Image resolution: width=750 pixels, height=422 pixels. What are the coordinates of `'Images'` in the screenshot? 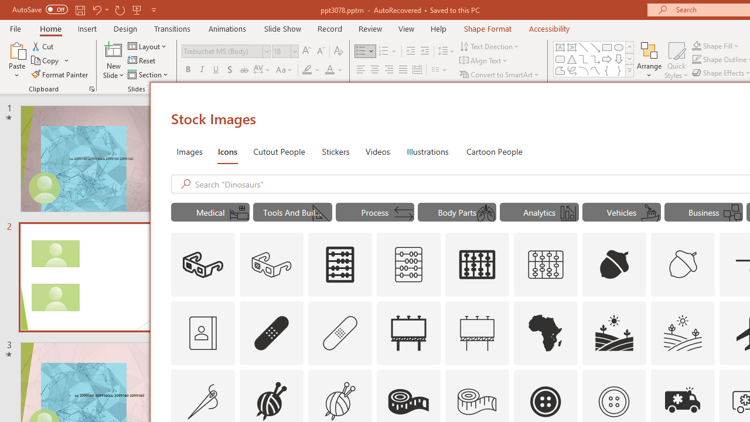 It's located at (189, 151).